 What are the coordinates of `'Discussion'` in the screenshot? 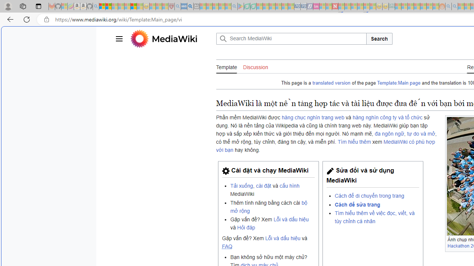 It's located at (255, 67).